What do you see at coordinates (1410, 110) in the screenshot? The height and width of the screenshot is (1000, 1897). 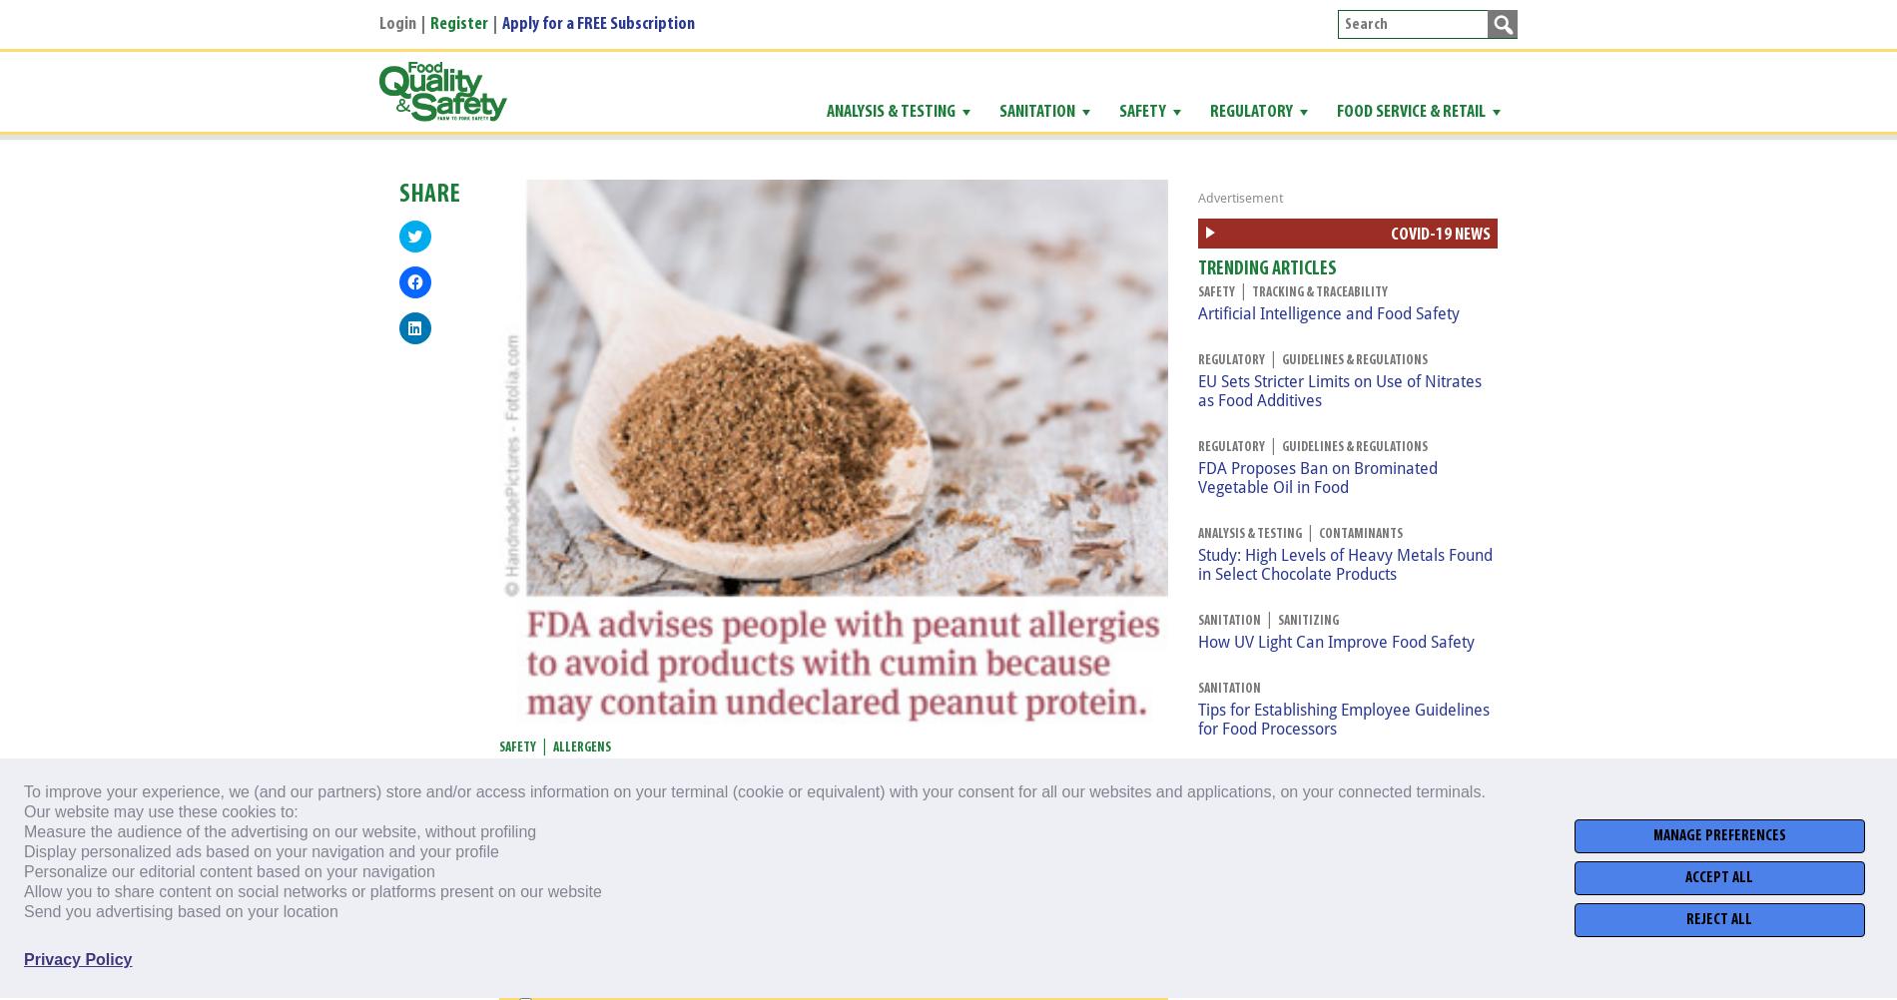 I see `'Food Service & Retail'` at bounding box center [1410, 110].